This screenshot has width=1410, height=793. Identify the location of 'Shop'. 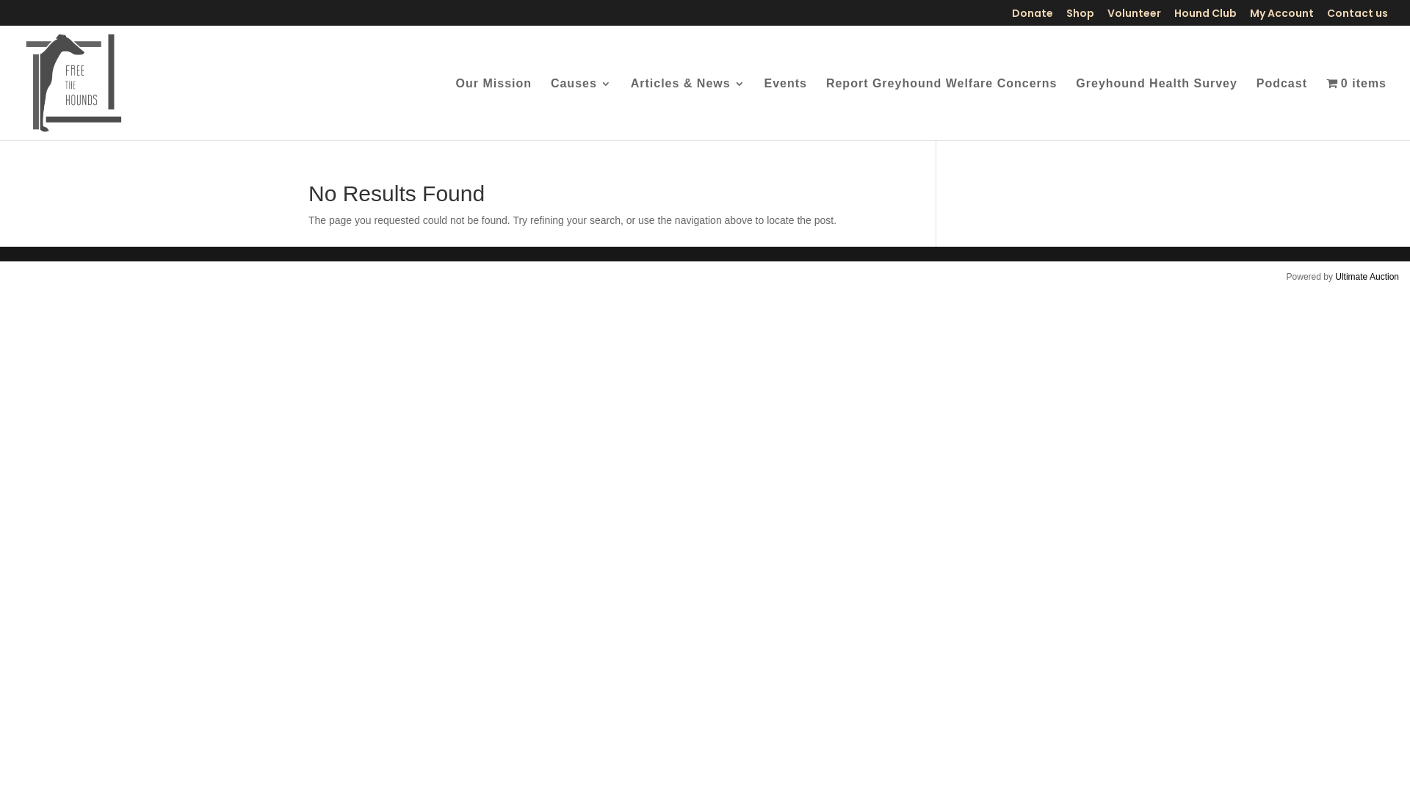
(1080, 16).